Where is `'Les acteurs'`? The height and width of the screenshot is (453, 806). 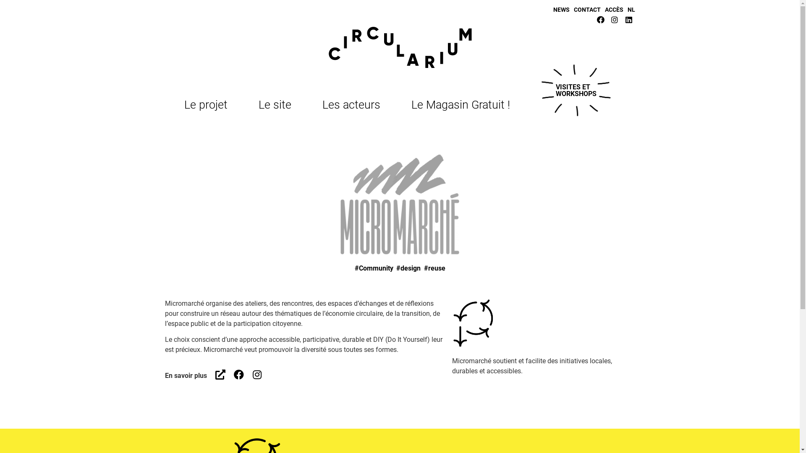
'Les acteurs' is located at coordinates (322, 104).